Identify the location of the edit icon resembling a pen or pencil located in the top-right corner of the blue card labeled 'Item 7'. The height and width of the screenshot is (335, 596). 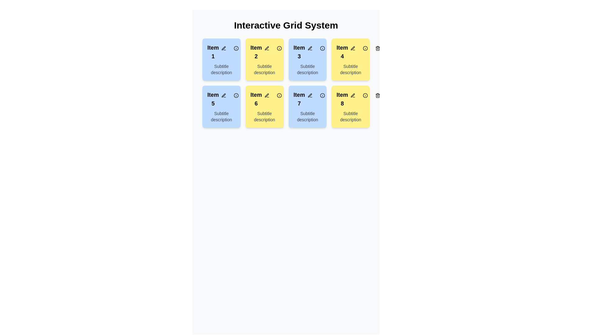
(310, 96).